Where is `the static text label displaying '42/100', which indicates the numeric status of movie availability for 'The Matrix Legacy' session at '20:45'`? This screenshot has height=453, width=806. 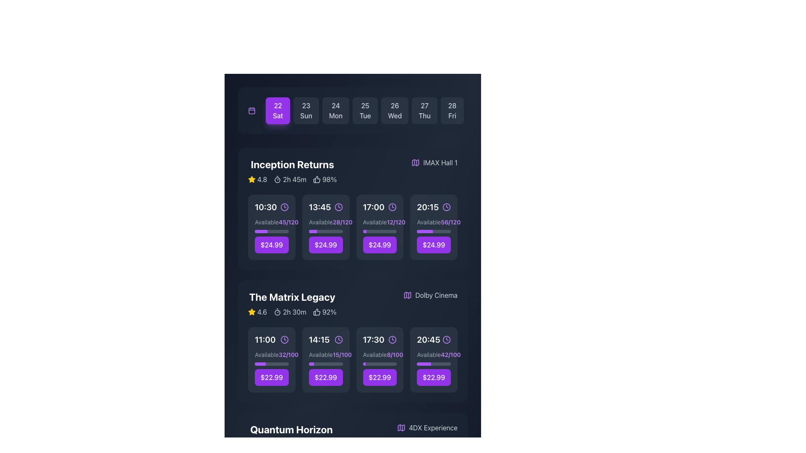
the static text label displaying '42/100', which indicates the numeric status of movie availability for 'The Matrix Legacy' session at '20:45' is located at coordinates (450, 354).